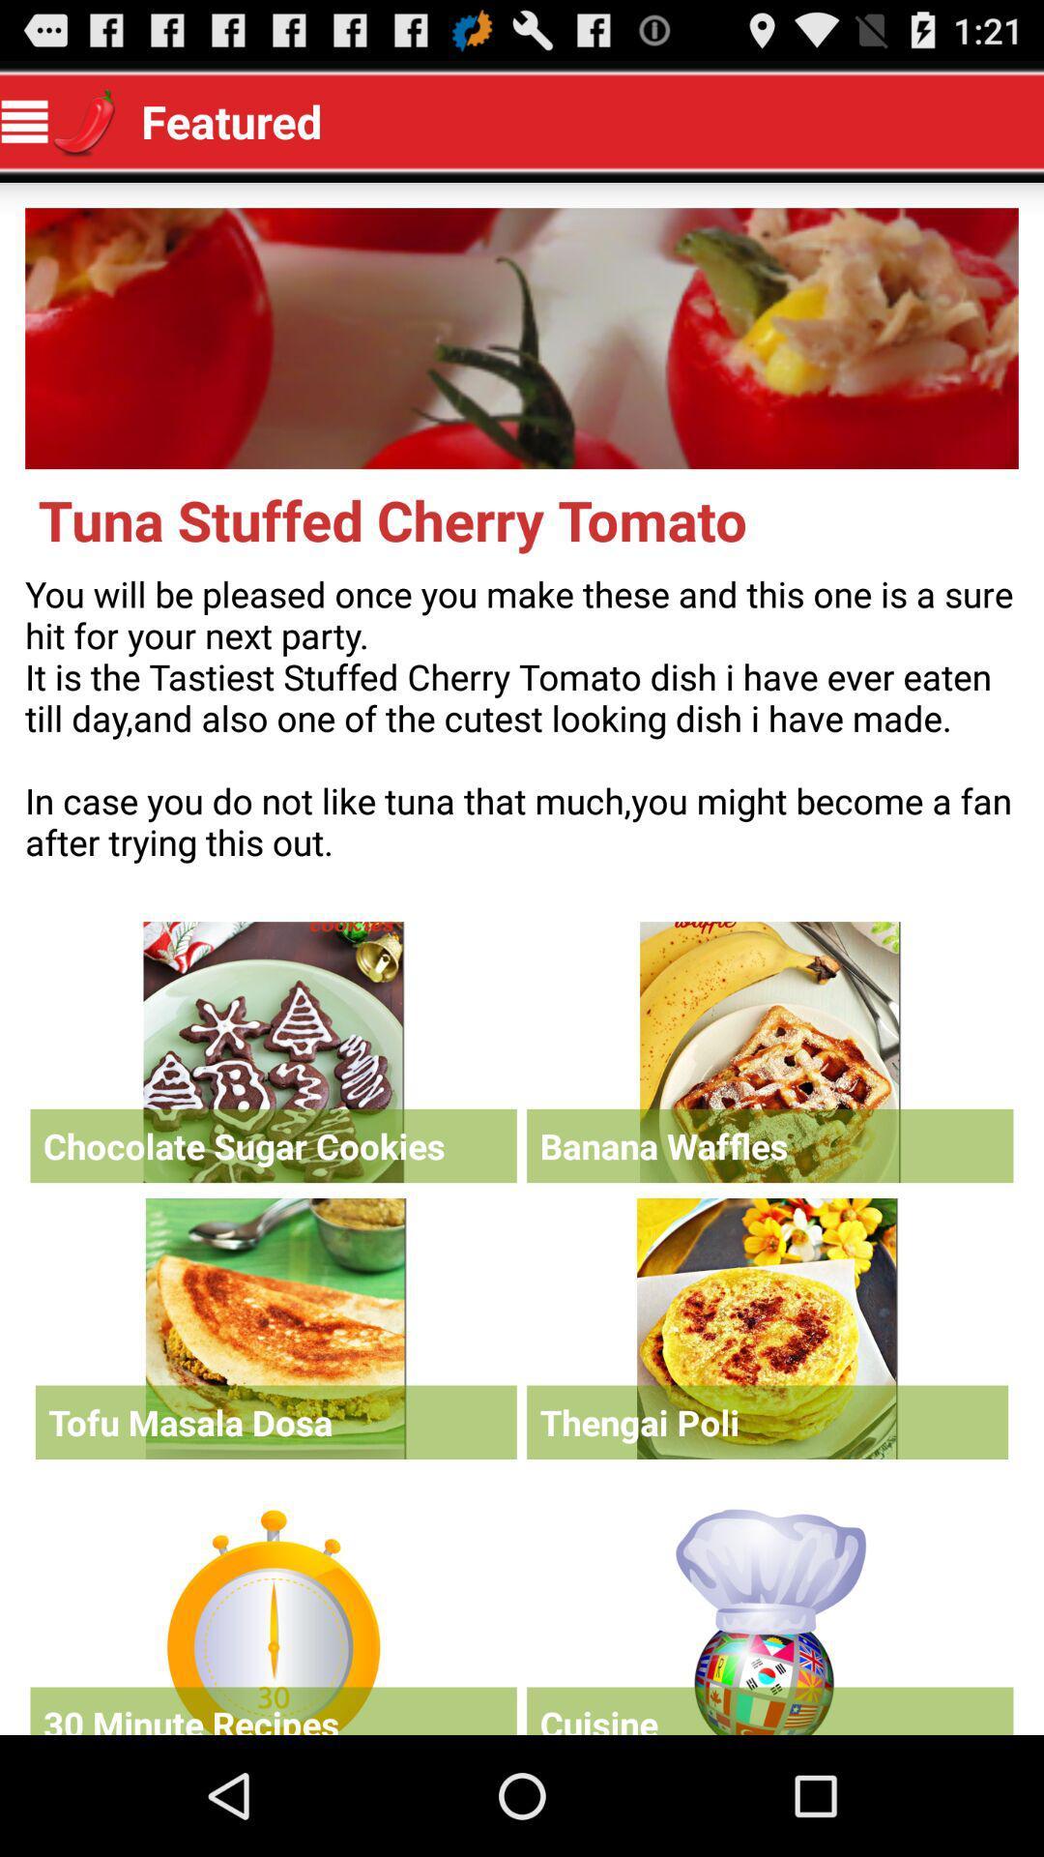 The image size is (1044, 1857). I want to click on see recipe, so click(275, 1327).